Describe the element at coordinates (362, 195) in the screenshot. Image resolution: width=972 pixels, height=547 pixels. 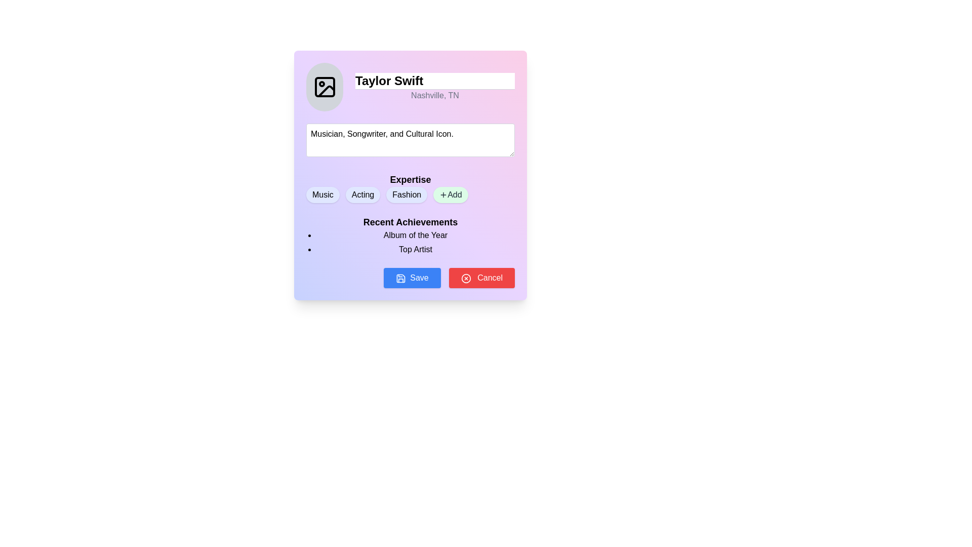
I see `the 'Acting' tag which is the second element in the horizontal arrangement of tags under the 'Expertise' section, positioned between the 'Music' and 'Fashion' tags` at that location.